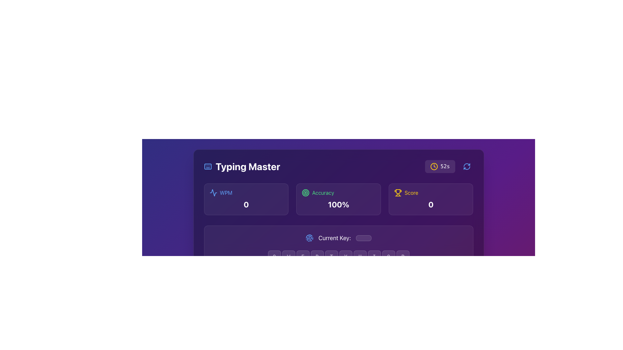 The height and width of the screenshot is (350, 623). Describe the element at coordinates (208, 166) in the screenshot. I see `the 'Typing Master' icon, which is positioned to the left of the title 'Typing Master' in the application interface` at that location.